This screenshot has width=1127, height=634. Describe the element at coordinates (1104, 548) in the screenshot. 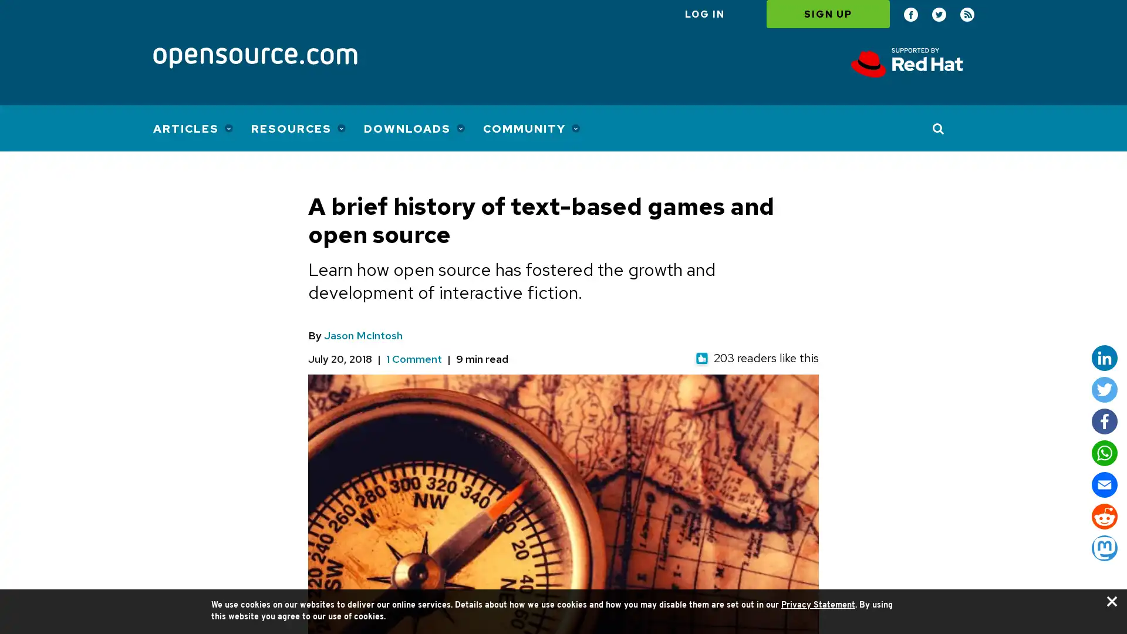

I see `MASTODON` at that location.